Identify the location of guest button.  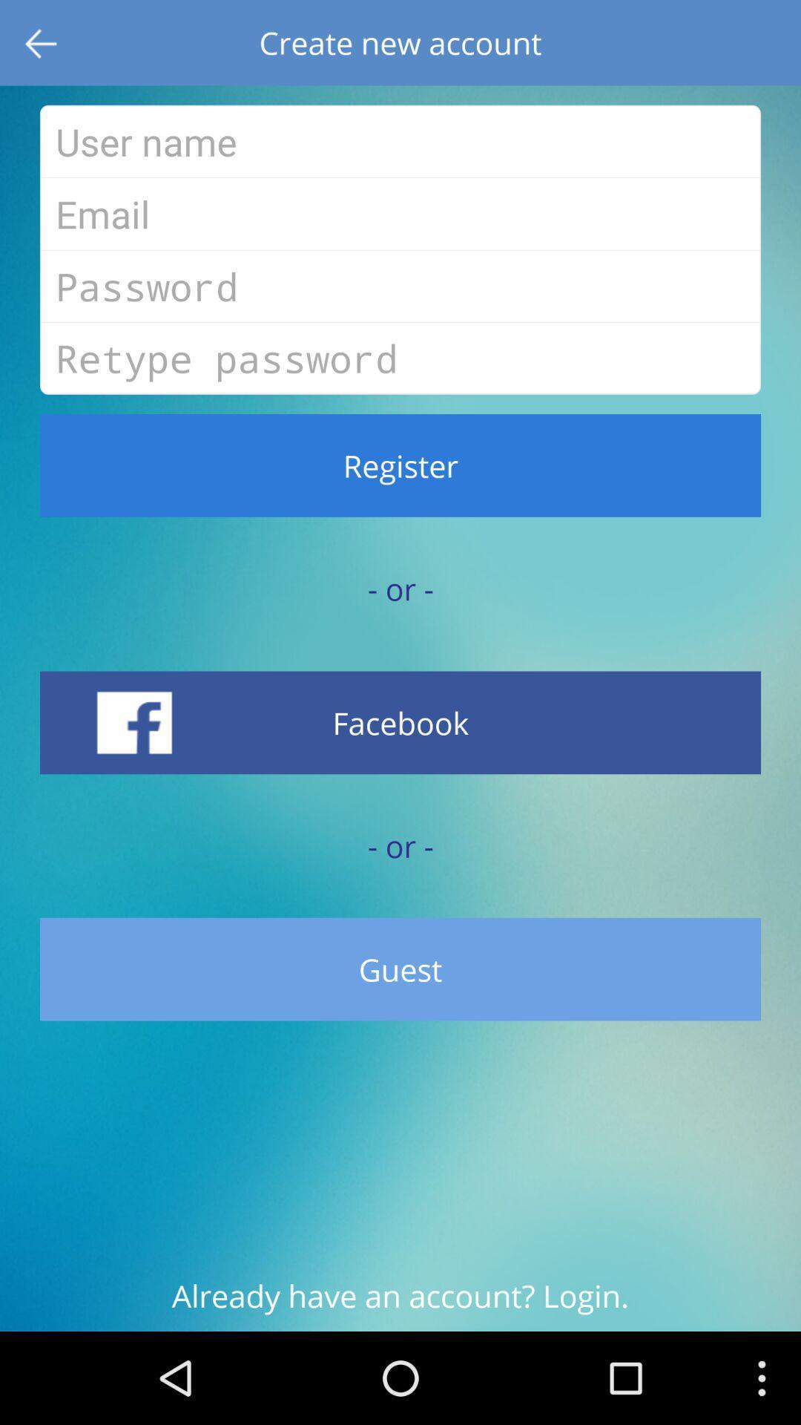
(400, 969).